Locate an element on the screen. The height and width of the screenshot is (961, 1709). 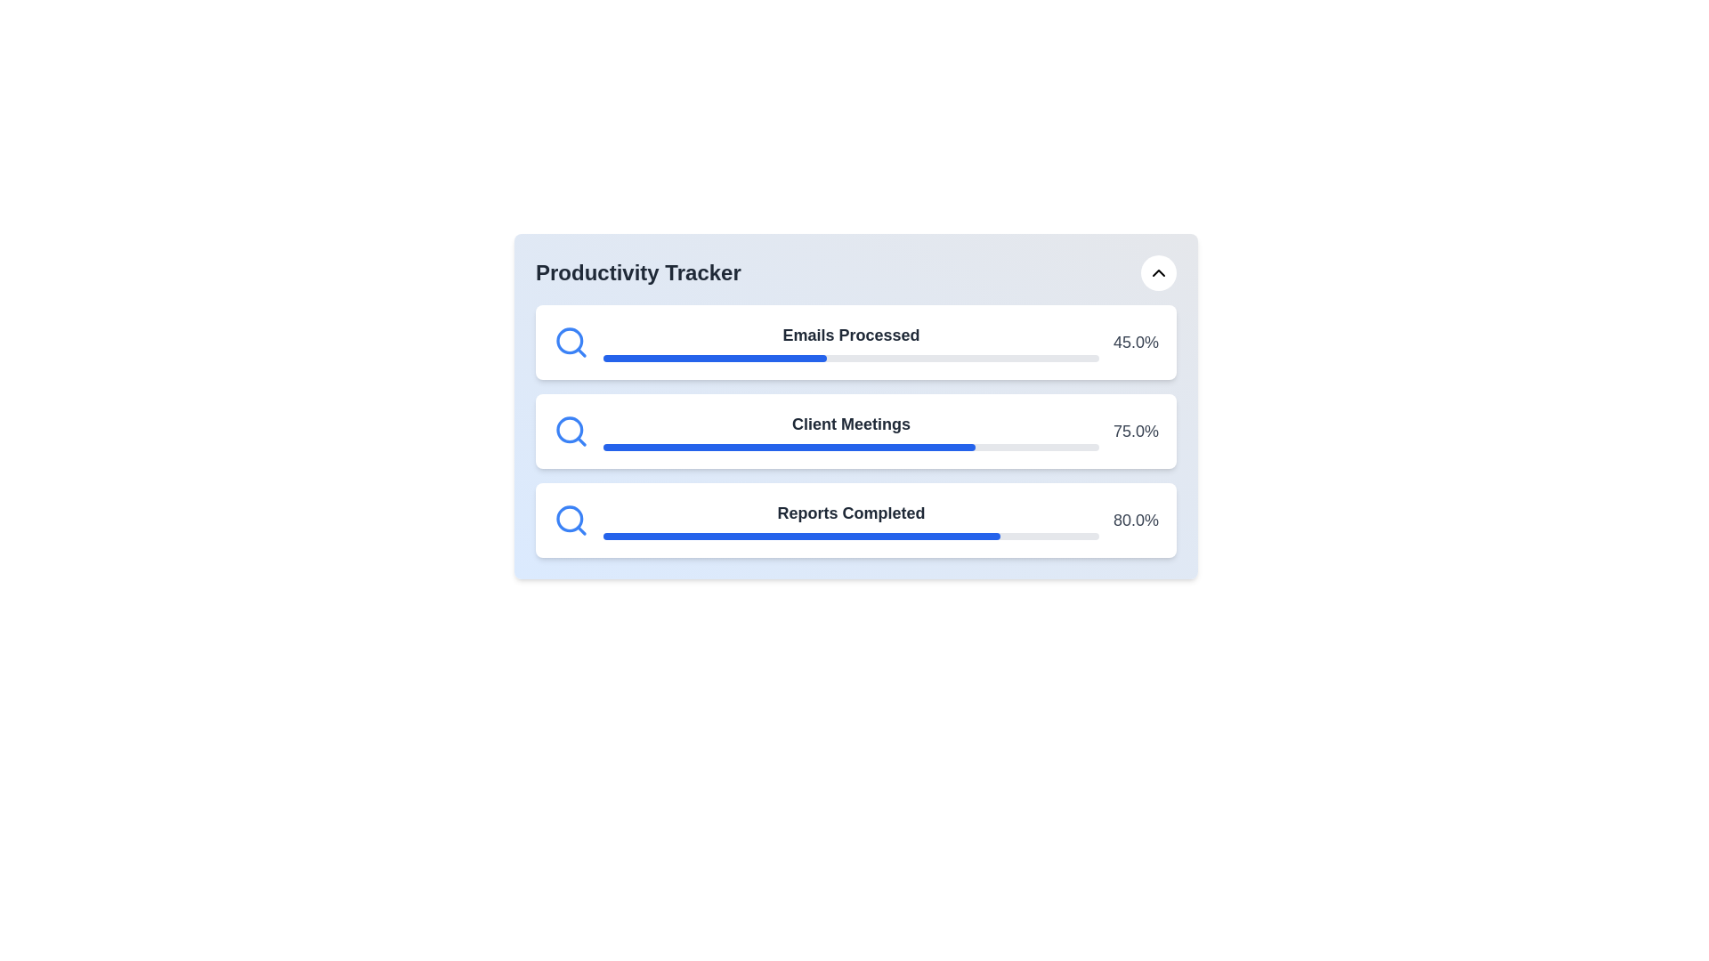
the 'Client Meetings' text label is located at coordinates (850, 432).